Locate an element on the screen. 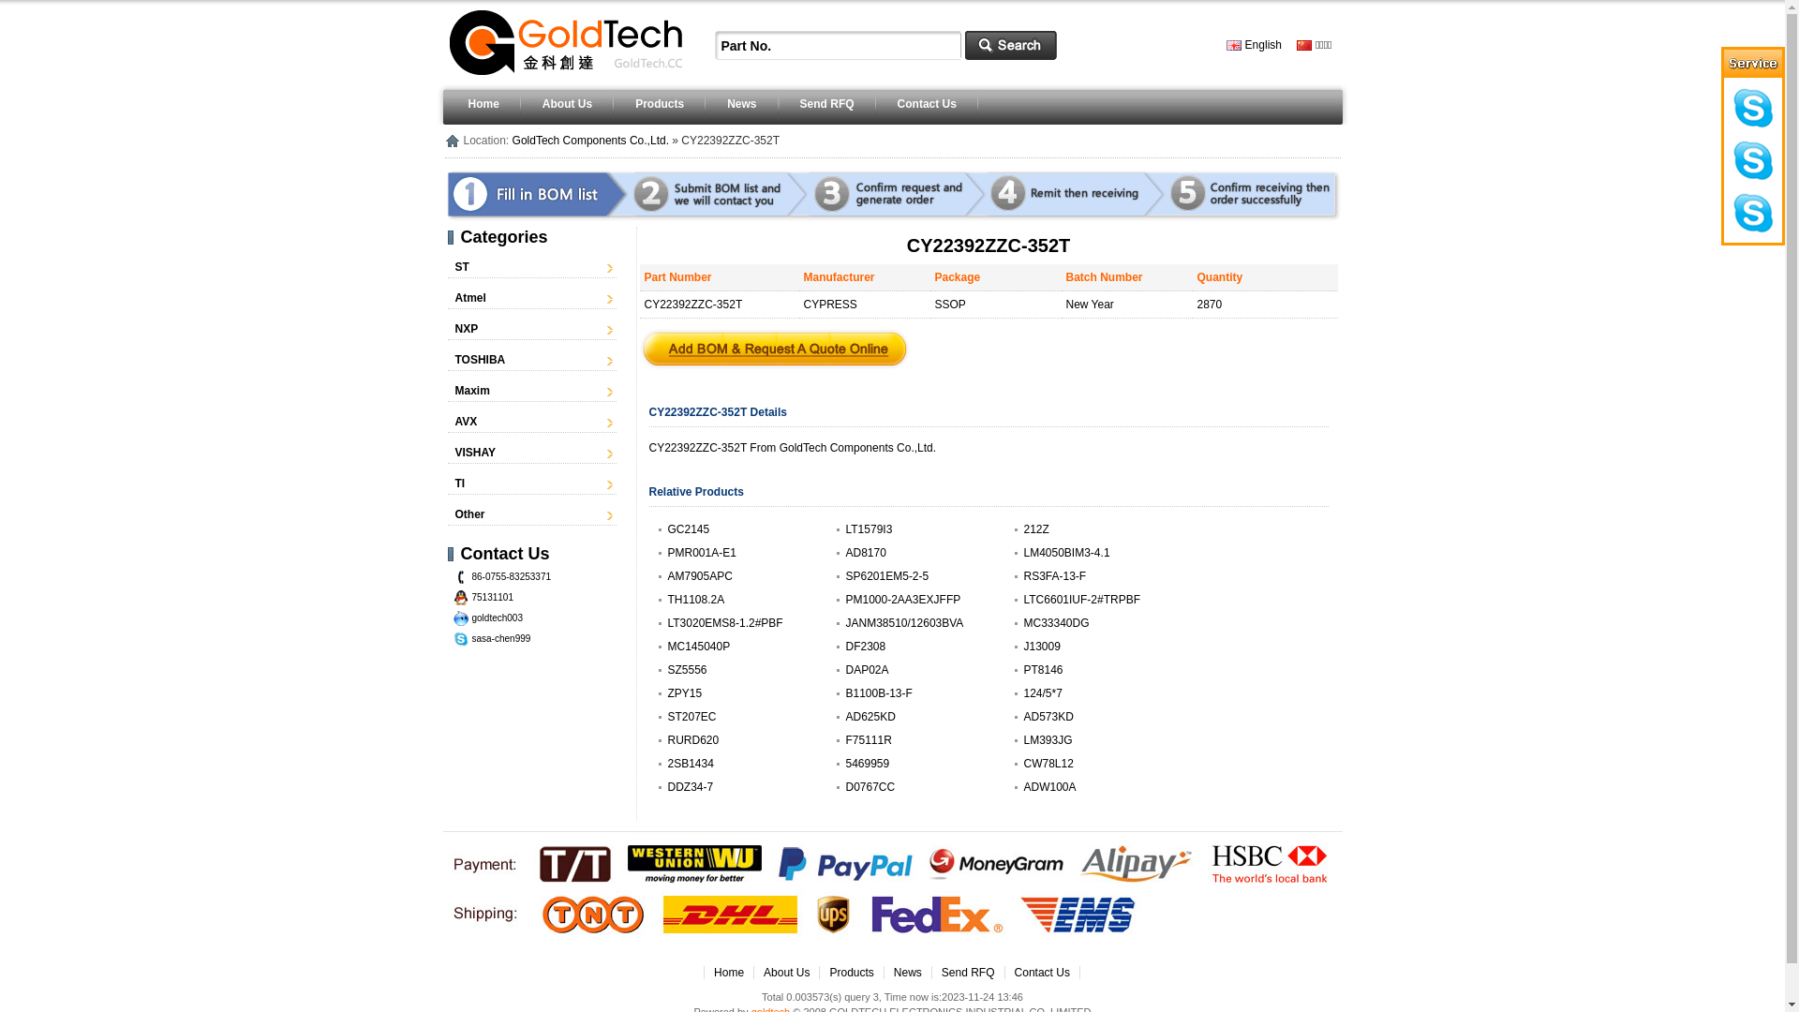 The height and width of the screenshot is (1012, 1799). 'Home' is located at coordinates (727, 971).